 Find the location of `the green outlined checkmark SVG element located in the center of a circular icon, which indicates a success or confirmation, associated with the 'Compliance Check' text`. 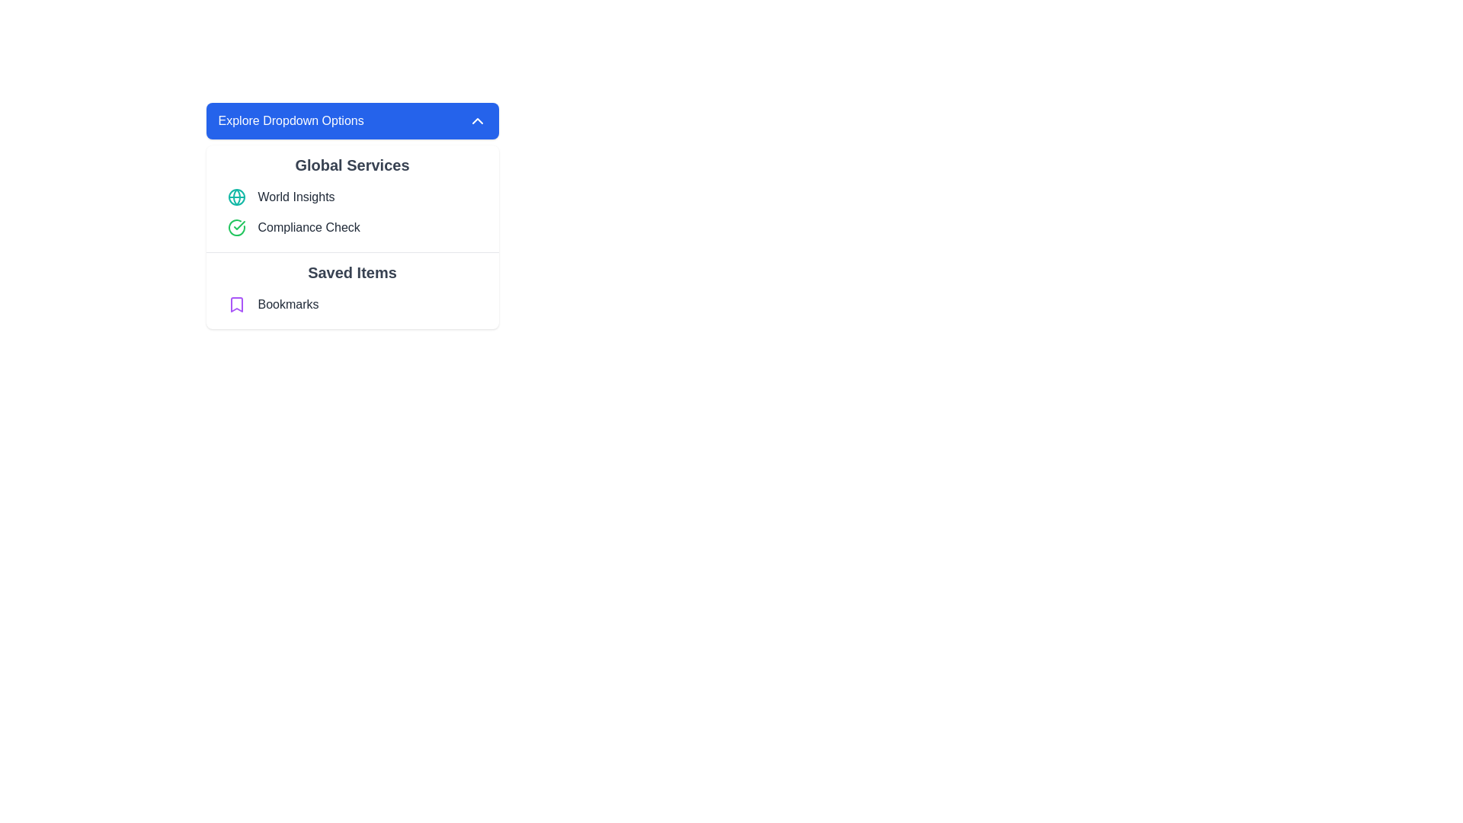

the green outlined checkmark SVG element located in the center of a circular icon, which indicates a success or confirmation, associated with the 'Compliance Check' text is located at coordinates (238, 226).